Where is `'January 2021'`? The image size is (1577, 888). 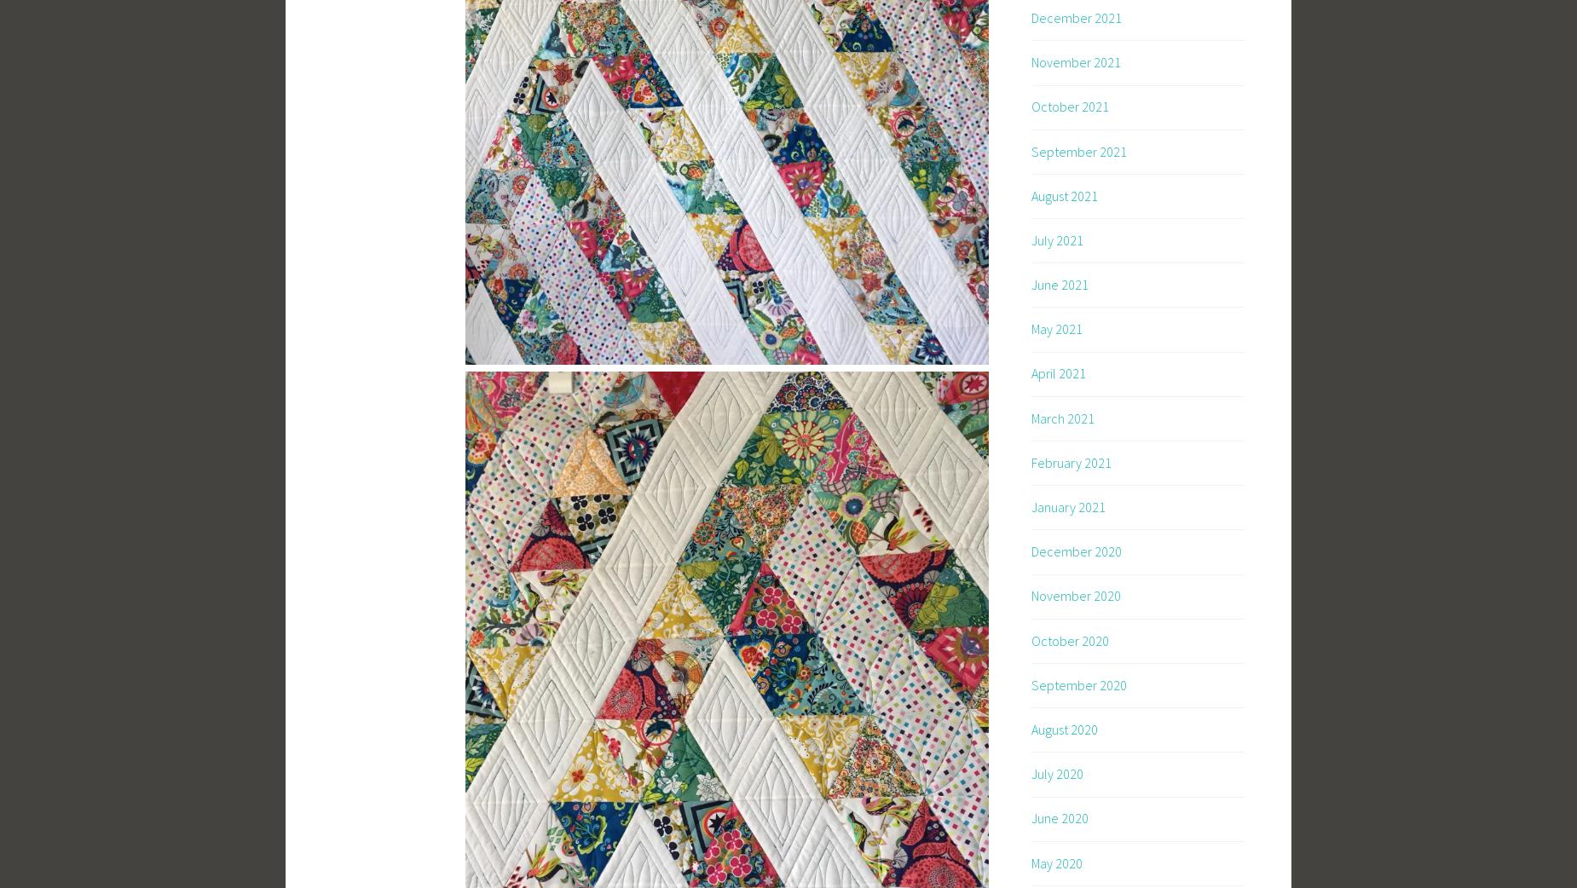
'January 2021' is located at coordinates (1067, 505).